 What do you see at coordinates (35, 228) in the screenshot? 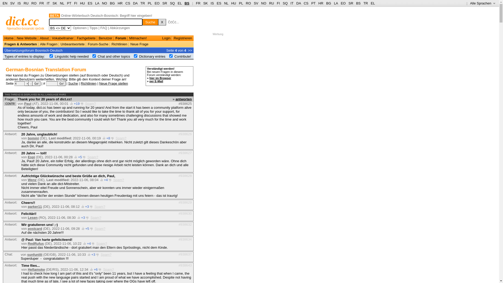
I see `'postcard'` at bounding box center [35, 228].